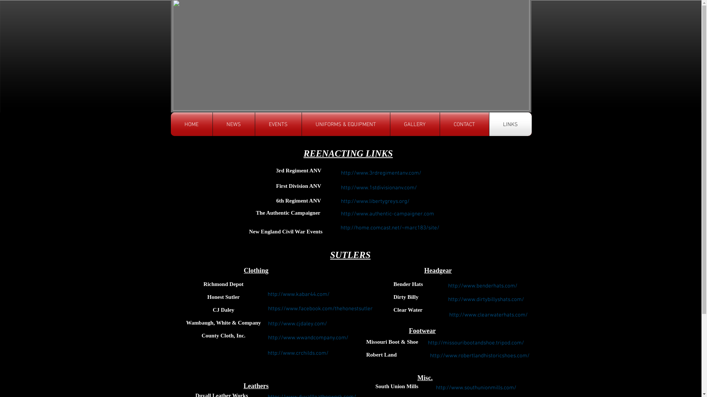  Describe the element at coordinates (390, 226) in the screenshot. I see `'http://home.comcast.net/~marc183/site/'` at that location.